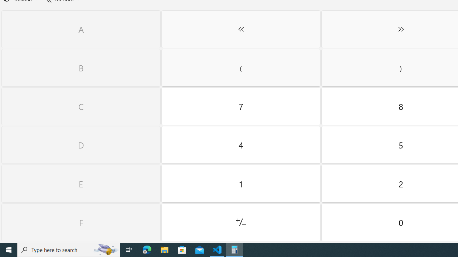 The width and height of the screenshot is (458, 257). What do you see at coordinates (128, 249) in the screenshot?
I see `'Task View'` at bounding box center [128, 249].